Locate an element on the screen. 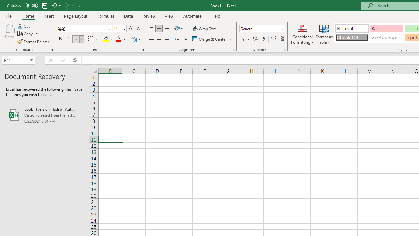 The image size is (419, 236). 'Orientation' is located at coordinates (179, 28).